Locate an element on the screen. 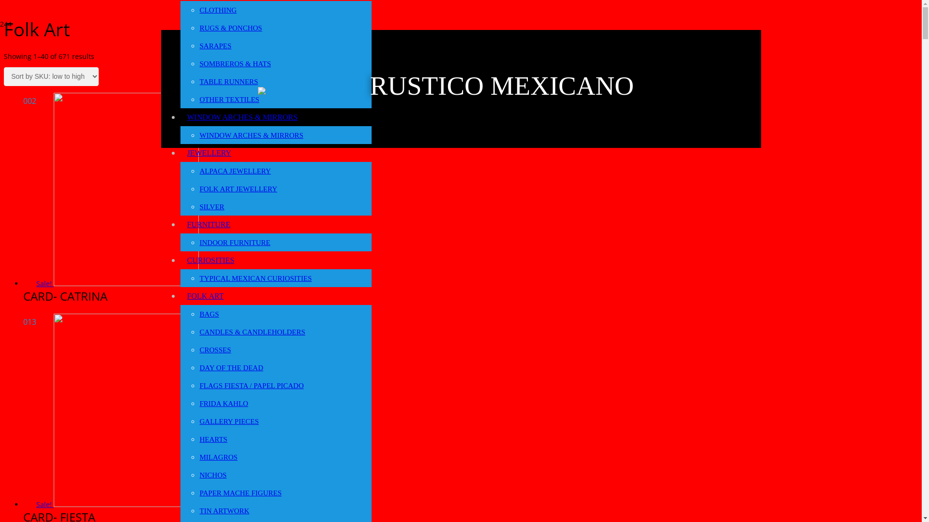 This screenshot has width=929, height=522. 'SOMBREROS & HATS' is located at coordinates (235, 63).